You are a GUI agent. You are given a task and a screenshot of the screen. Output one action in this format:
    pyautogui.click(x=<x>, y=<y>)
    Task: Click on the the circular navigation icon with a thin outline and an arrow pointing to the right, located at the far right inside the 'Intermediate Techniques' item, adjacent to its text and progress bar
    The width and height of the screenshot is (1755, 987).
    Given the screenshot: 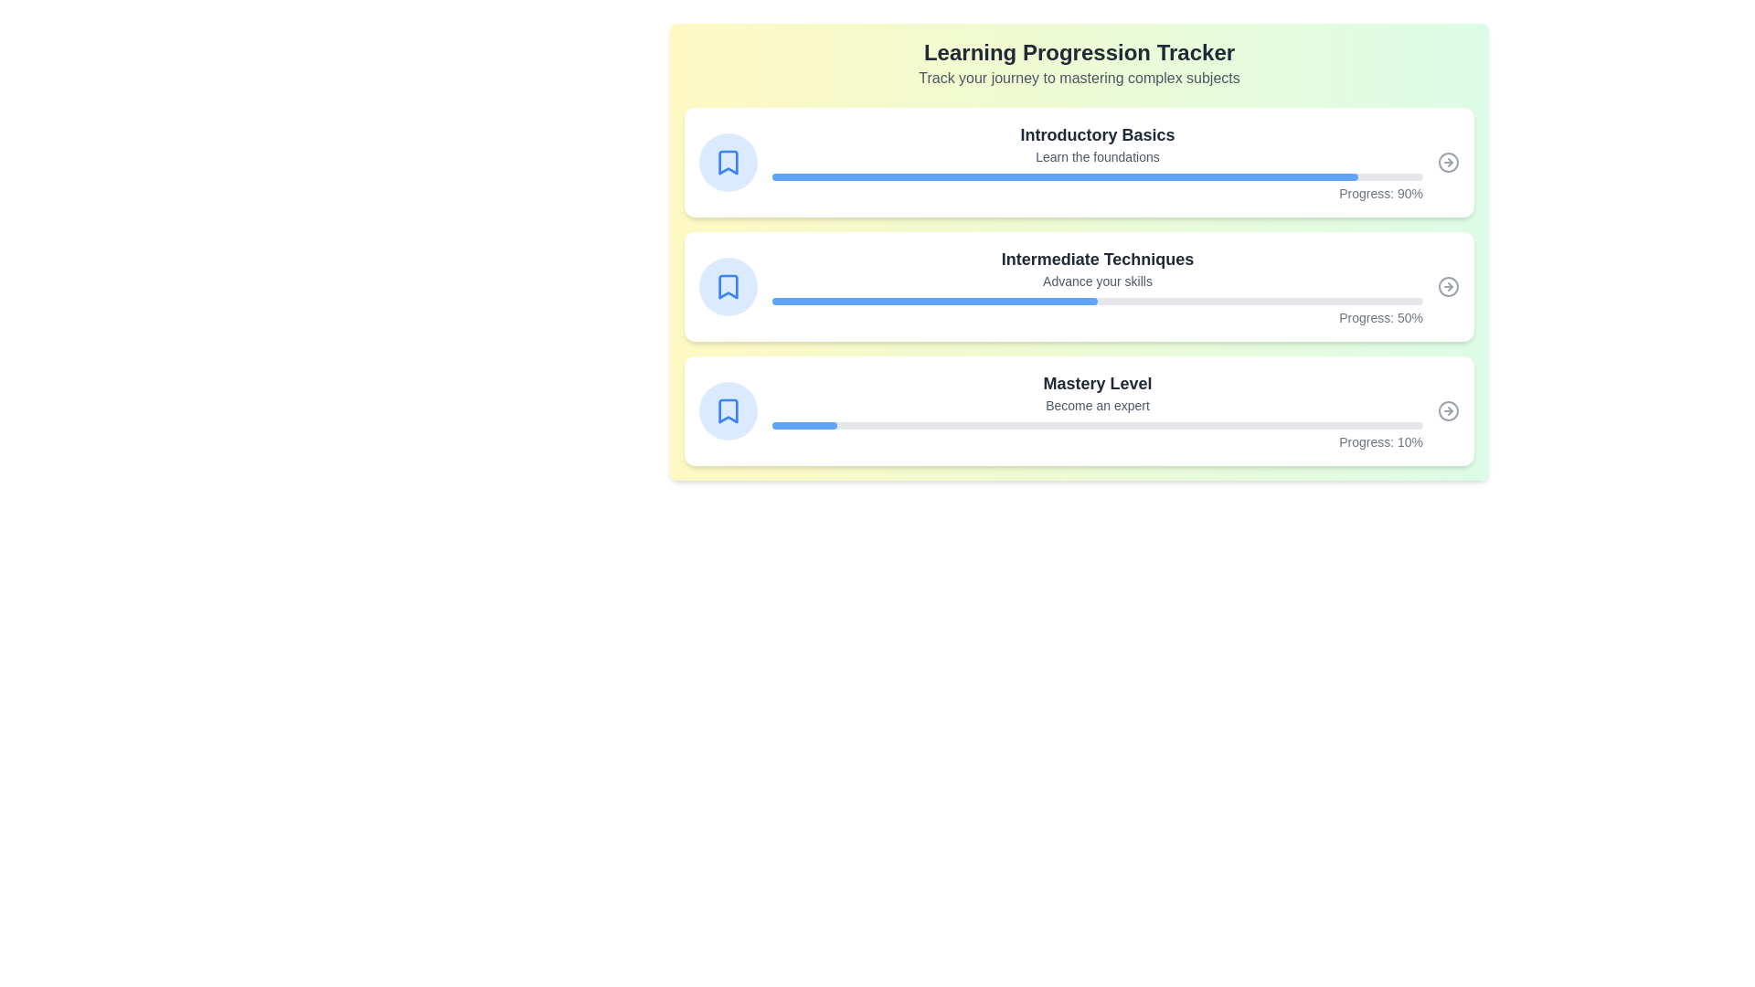 What is the action you would take?
    pyautogui.click(x=1447, y=286)
    